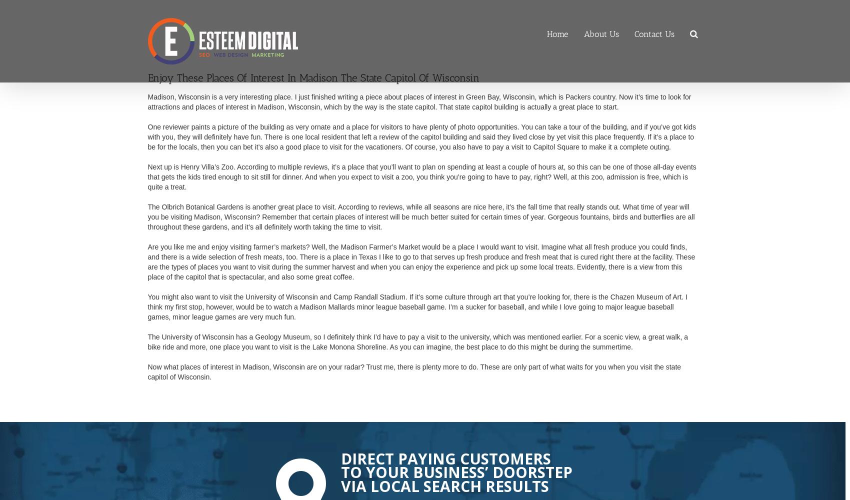 Image resolution: width=850 pixels, height=500 pixels. Describe the element at coordinates (147, 306) in the screenshot. I see `'You might also want to visit the University of Wisconsin and Camp Randall Stadium. If it’s some culture through art that you’re looking for, there is the Chazen Museum of Art. I think my first stop, however, would be to watch a Madison Mallards minor league baseball game. I’m a sucker for baseball, and while I love going to major league baseball games, minor league games are very much fun.'` at that location.